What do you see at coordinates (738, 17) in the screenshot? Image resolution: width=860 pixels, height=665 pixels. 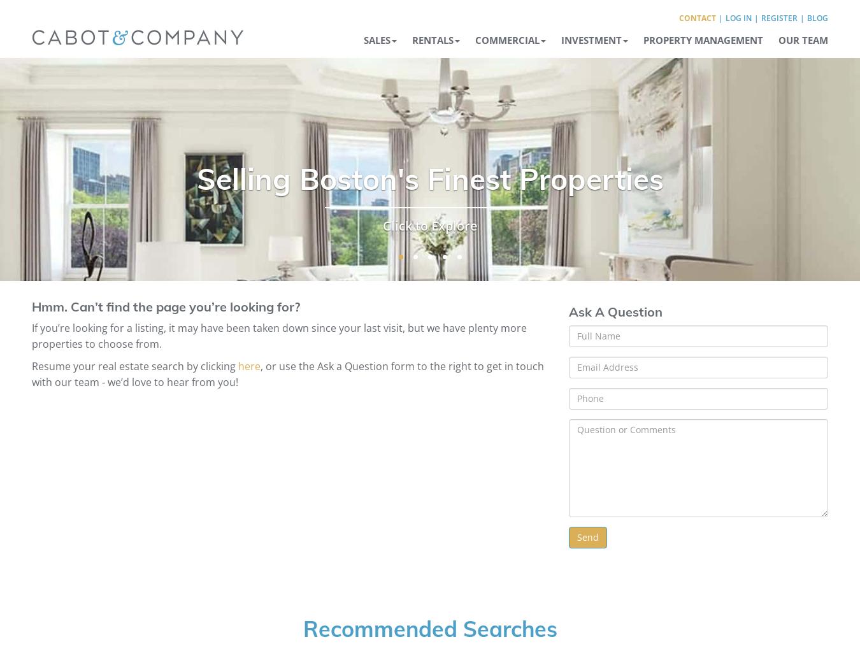 I see `'Log In'` at bounding box center [738, 17].